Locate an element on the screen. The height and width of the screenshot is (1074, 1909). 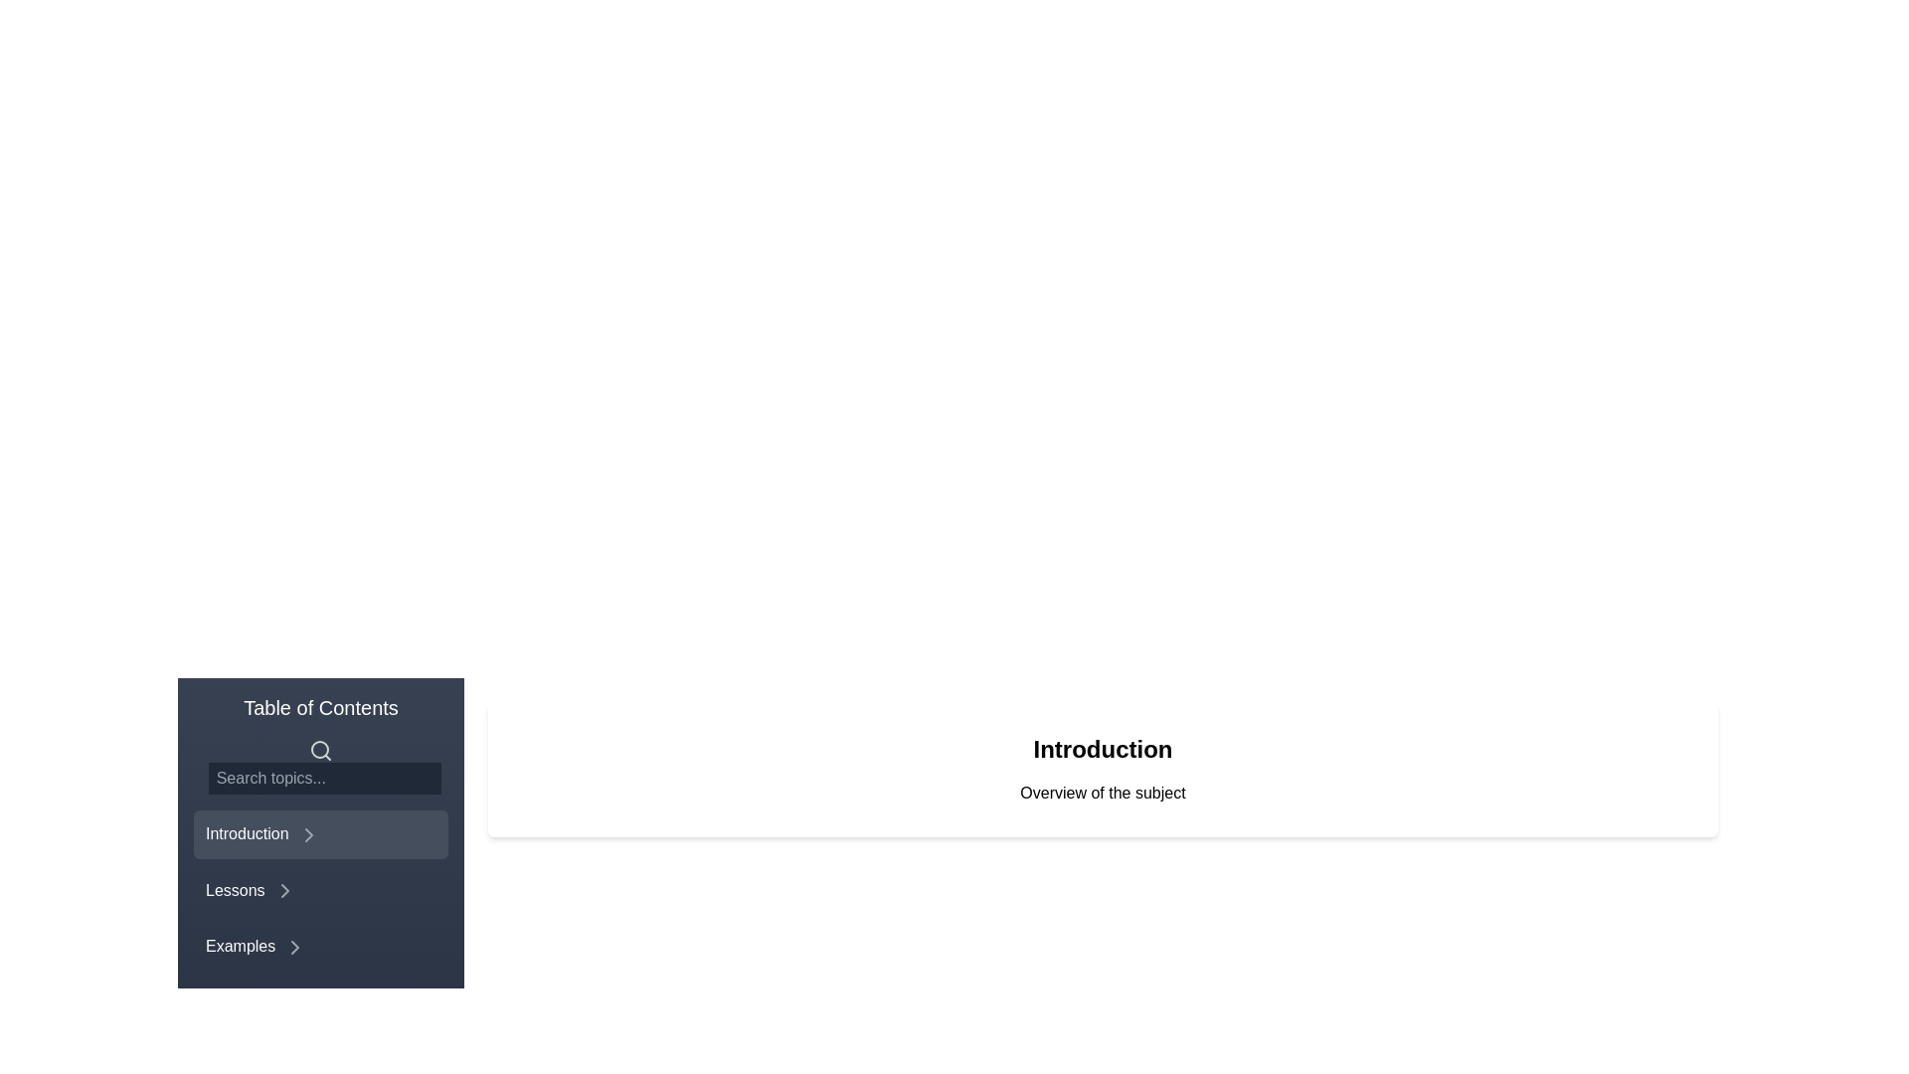
the search initiation button located at the top-left corner of the sidebar, which is positioned immediately before the text input field is located at coordinates (320, 749).